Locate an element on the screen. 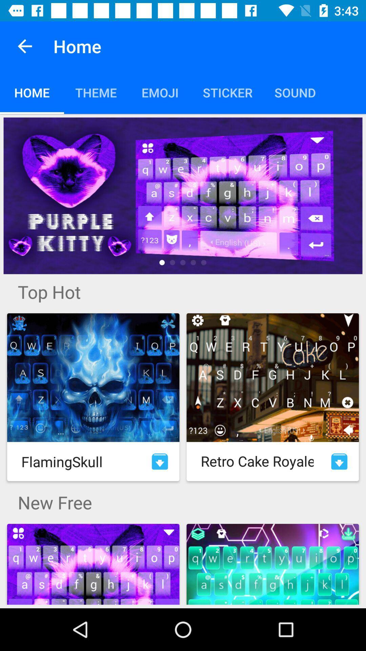  icon above top hot is located at coordinates (183, 195).